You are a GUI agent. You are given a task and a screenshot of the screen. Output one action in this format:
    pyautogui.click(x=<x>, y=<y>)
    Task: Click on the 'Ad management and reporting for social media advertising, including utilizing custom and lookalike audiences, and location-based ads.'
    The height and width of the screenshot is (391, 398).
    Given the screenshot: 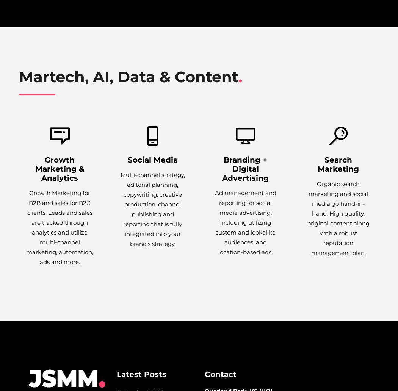 What is the action you would take?
    pyautogui.click(x=214, y=222)
    